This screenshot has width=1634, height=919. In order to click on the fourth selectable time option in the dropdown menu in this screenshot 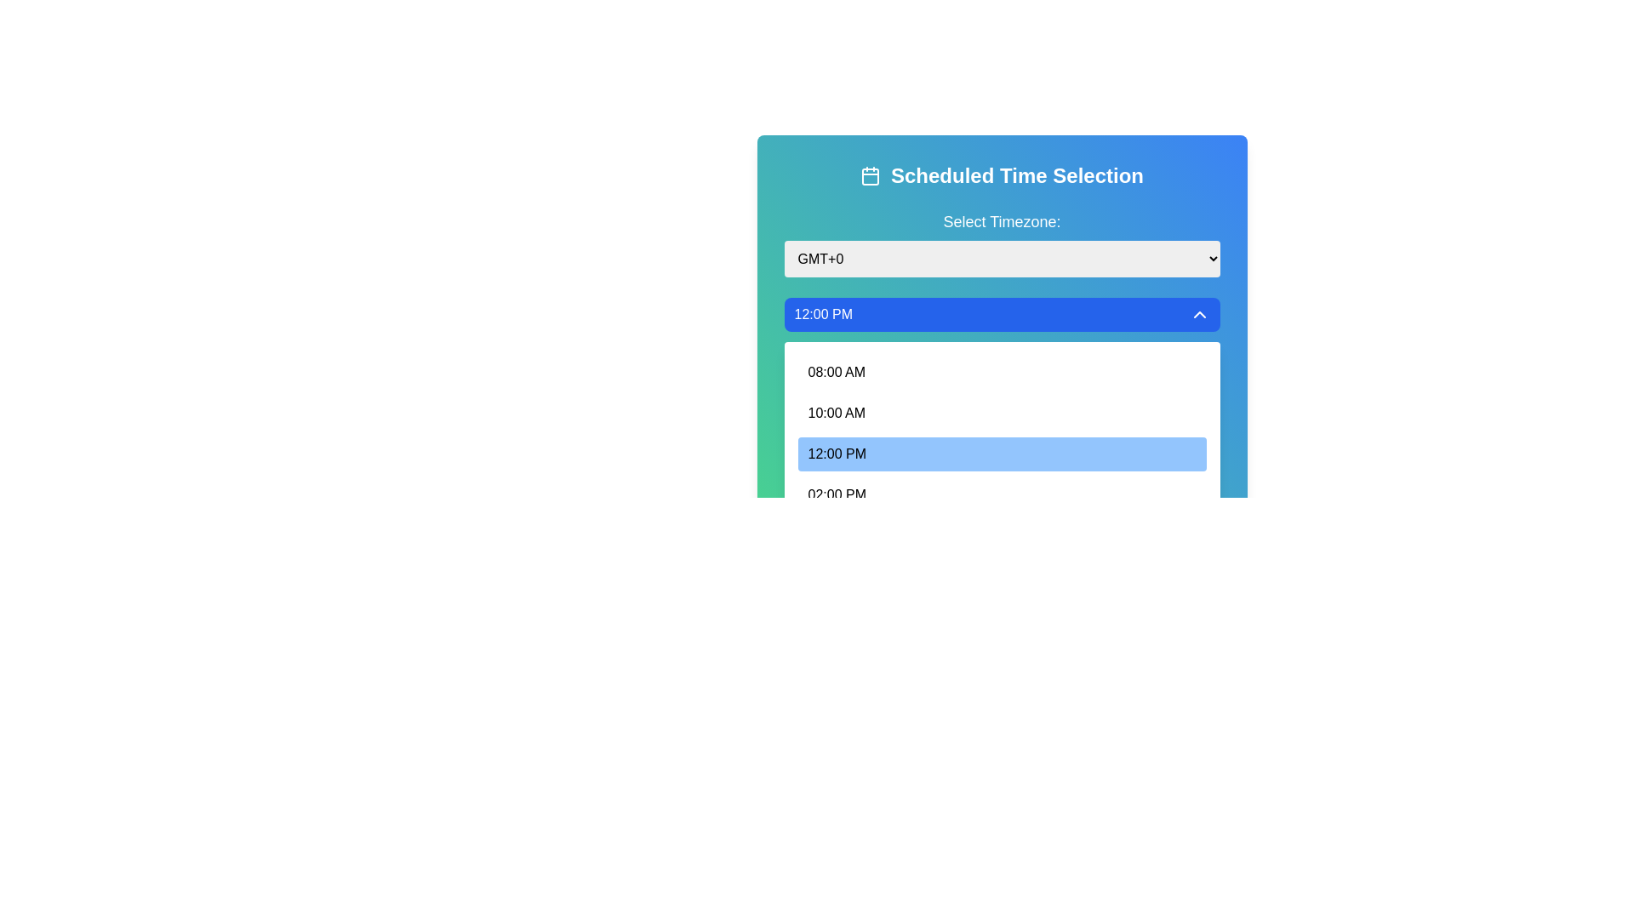, I will do `click(837, 453)`.